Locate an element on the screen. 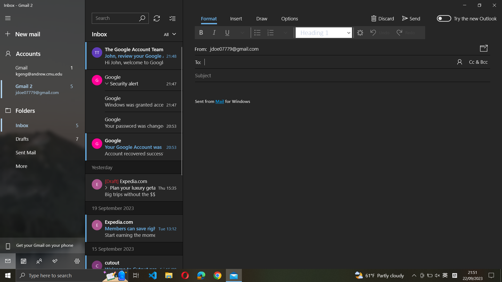 Image resolution: width=502 pixels, height=282 pixels. "view mails" and then move two steps down in the Mail Type and select is located at coordinates (169, 34).